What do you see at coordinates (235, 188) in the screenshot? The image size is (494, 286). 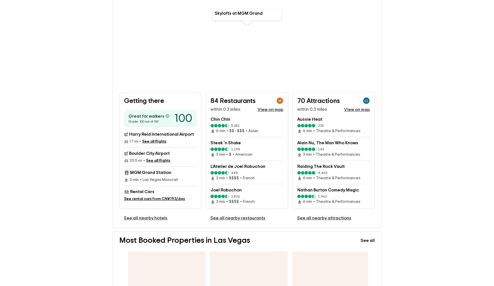 I see `'1,526'` at bounding box center [235, 188].